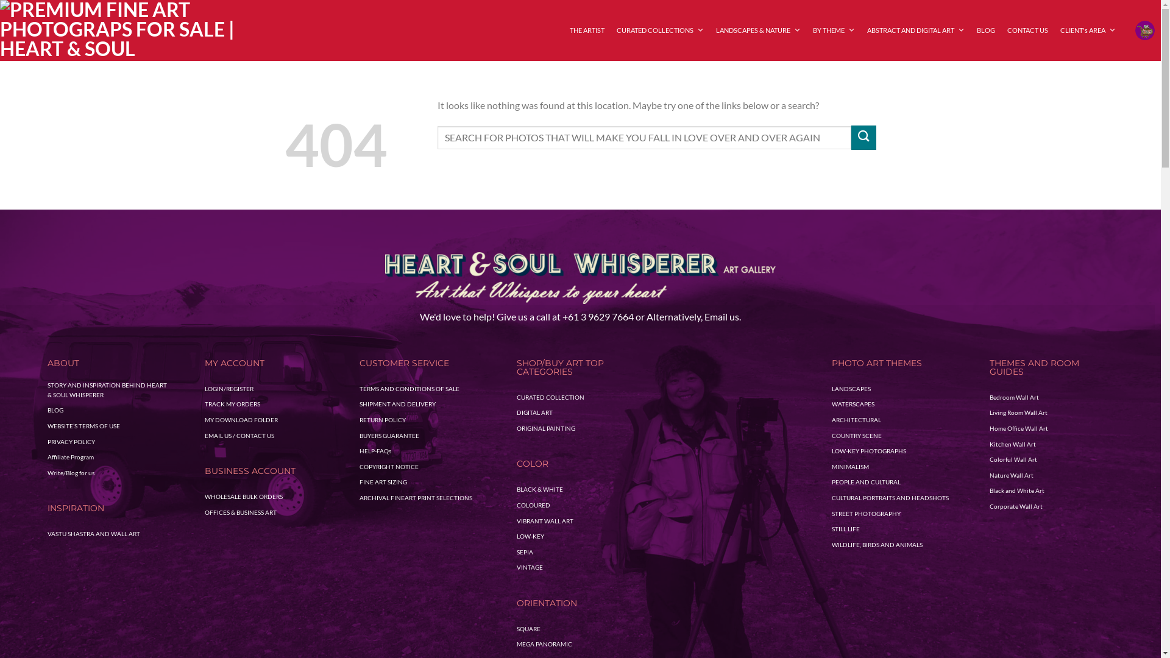 The height and width of the screenshot is (658, 1170). Describe the element at coordinates (1016, 506) in the screenshot. I see `'Corporate Wall Art'` at that location.